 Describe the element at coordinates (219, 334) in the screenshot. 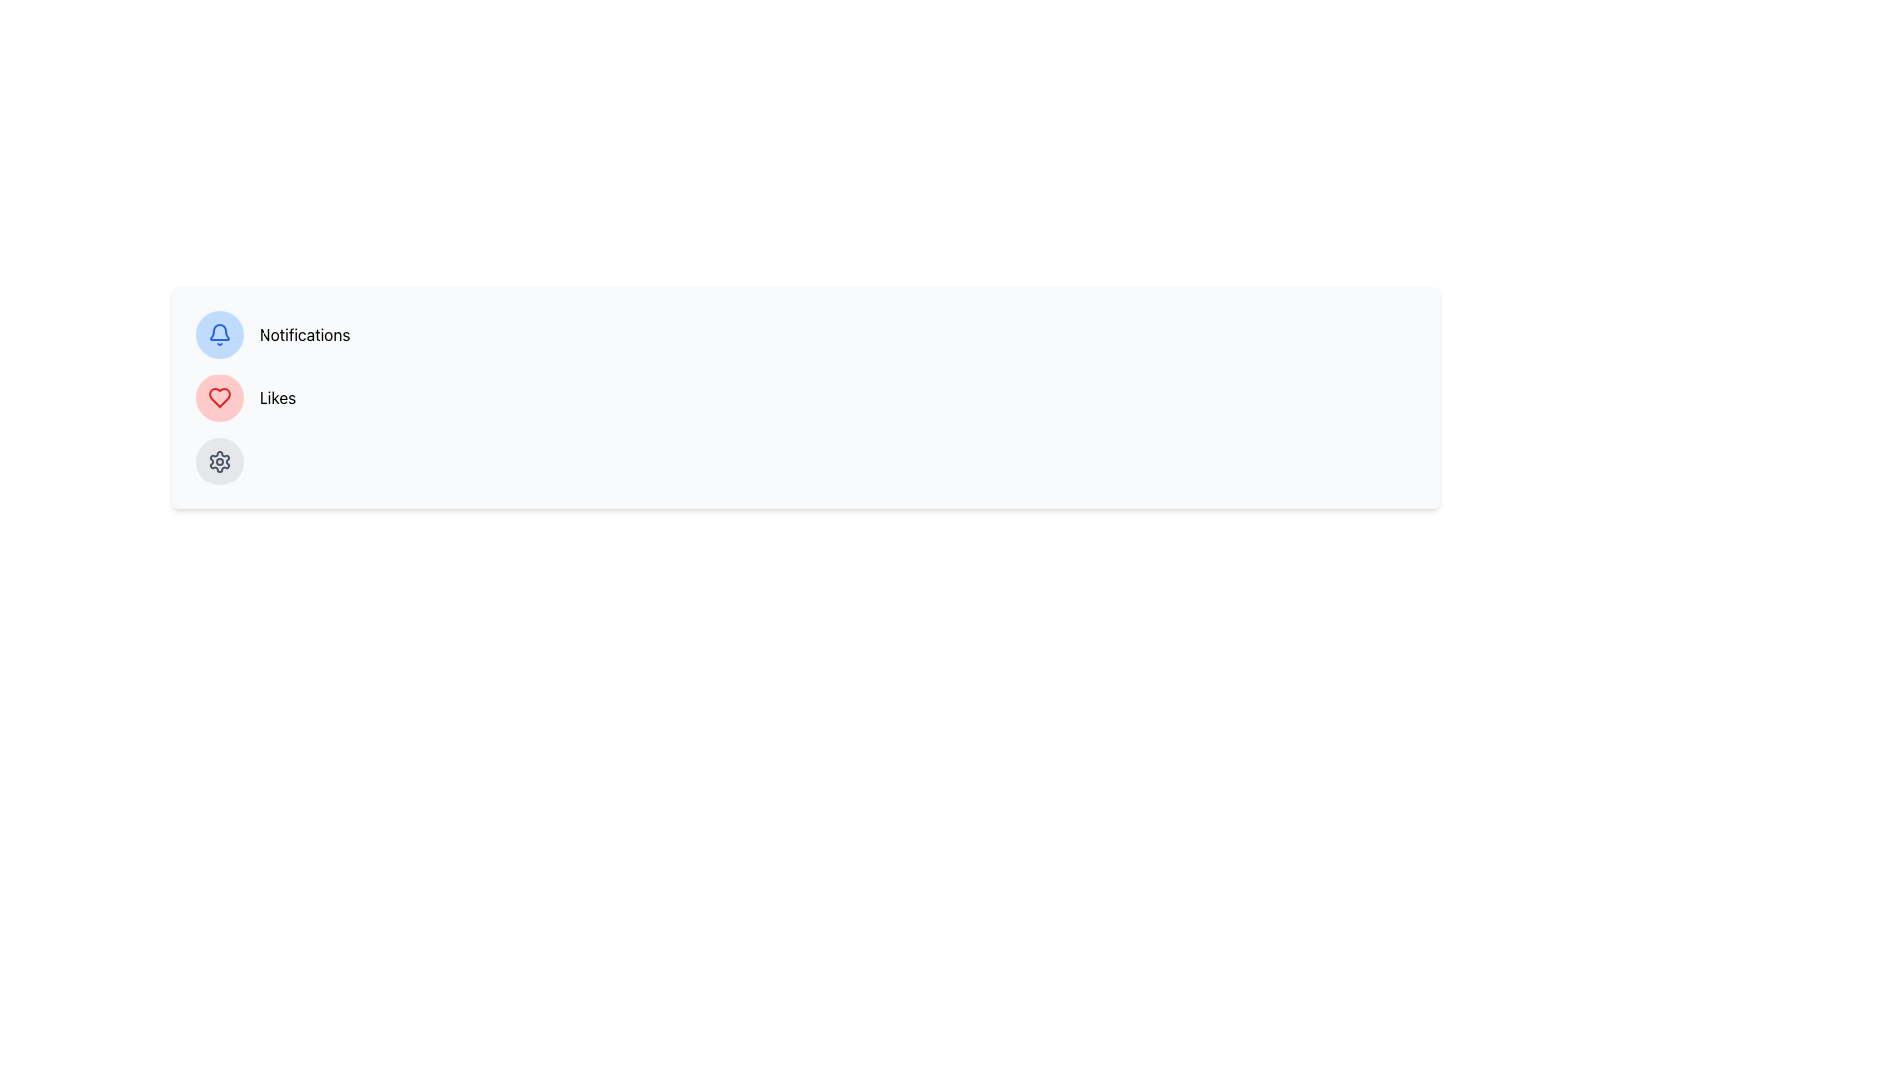

I see `the bell icon outlined with blue strokes, centrally placed within a circular light blue background` at that location.